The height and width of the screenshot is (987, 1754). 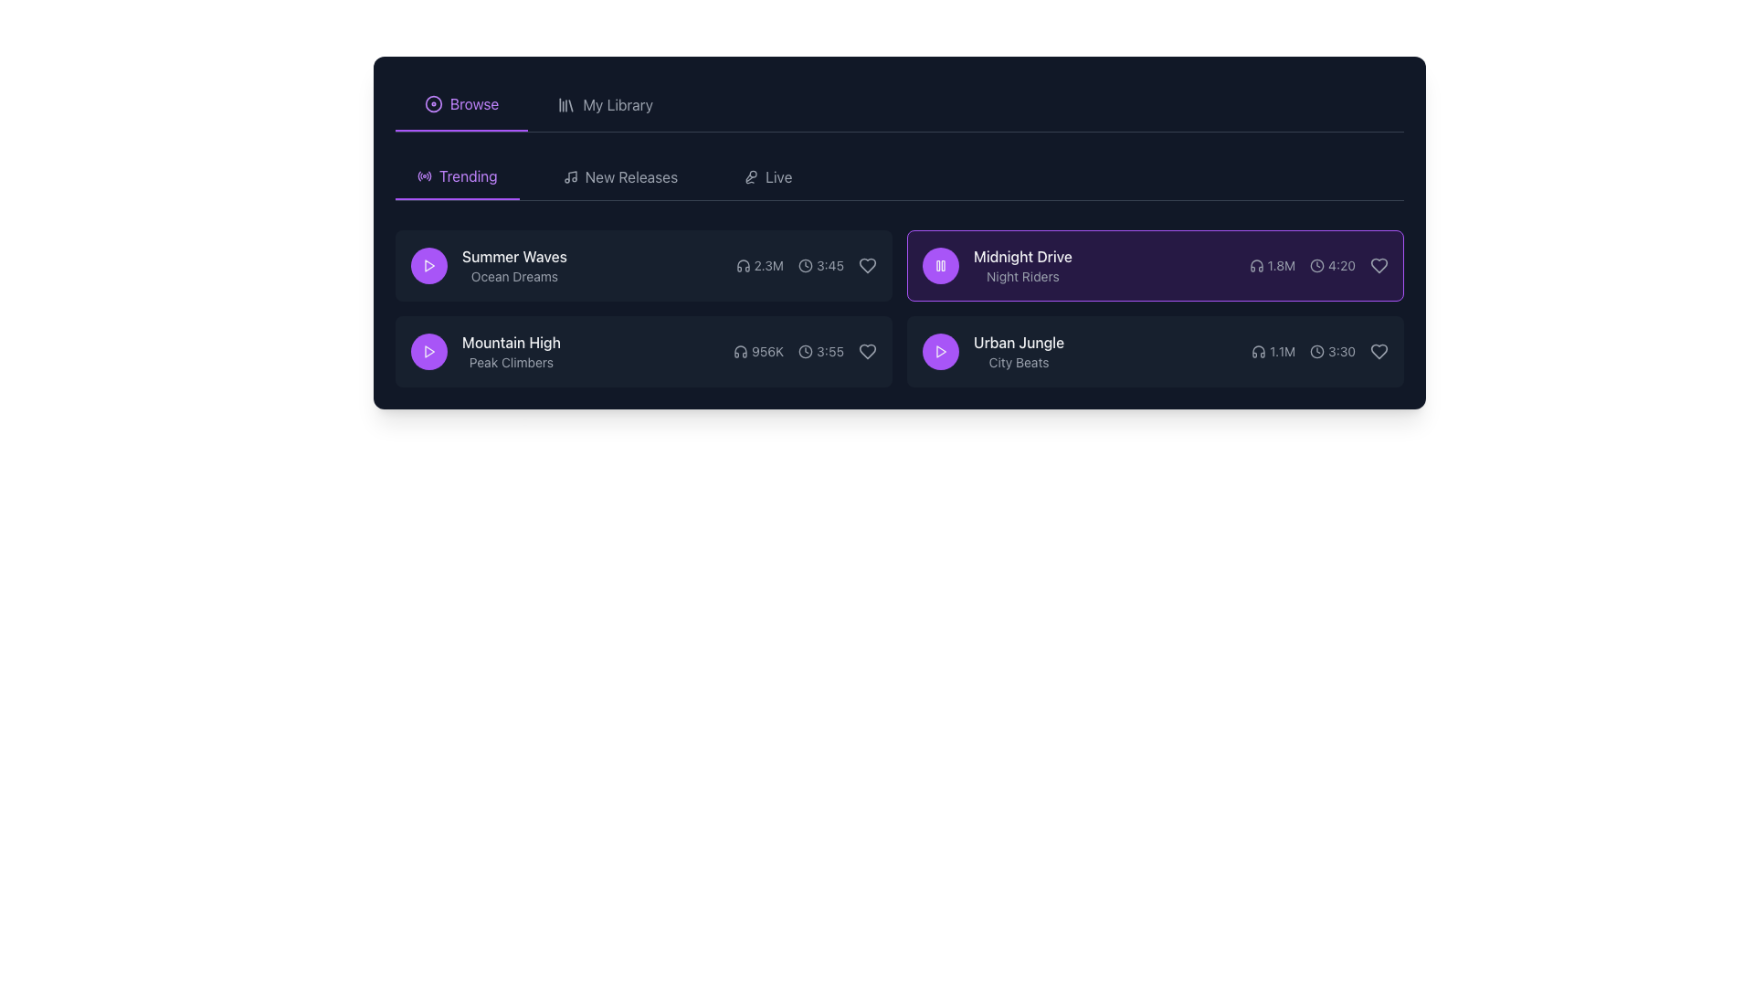 What do you see at coordinates (1273, 352) in the screenshot?
I see `the text label '1.1M' next to the headphones icon in the lower right segment of the song list interface, positioned to the left of the duration text '3:30'` at bounding box center [1273, 352].